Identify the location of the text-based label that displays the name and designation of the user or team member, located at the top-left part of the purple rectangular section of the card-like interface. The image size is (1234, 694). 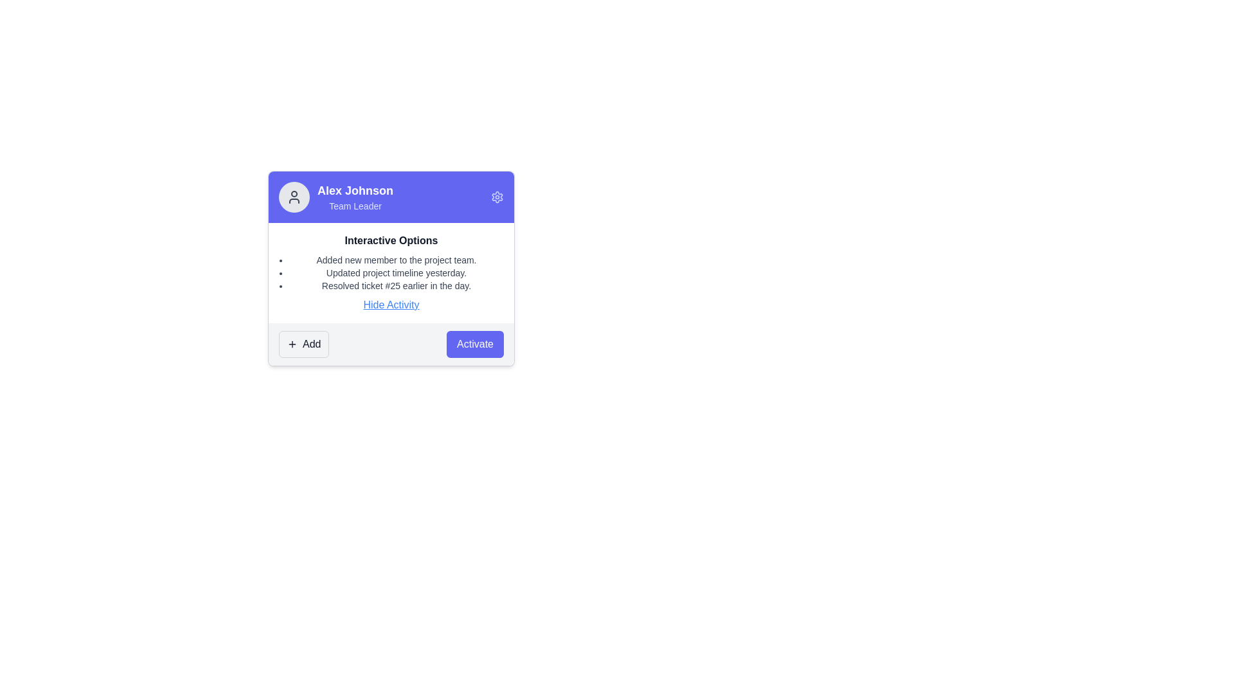
(336, 197).